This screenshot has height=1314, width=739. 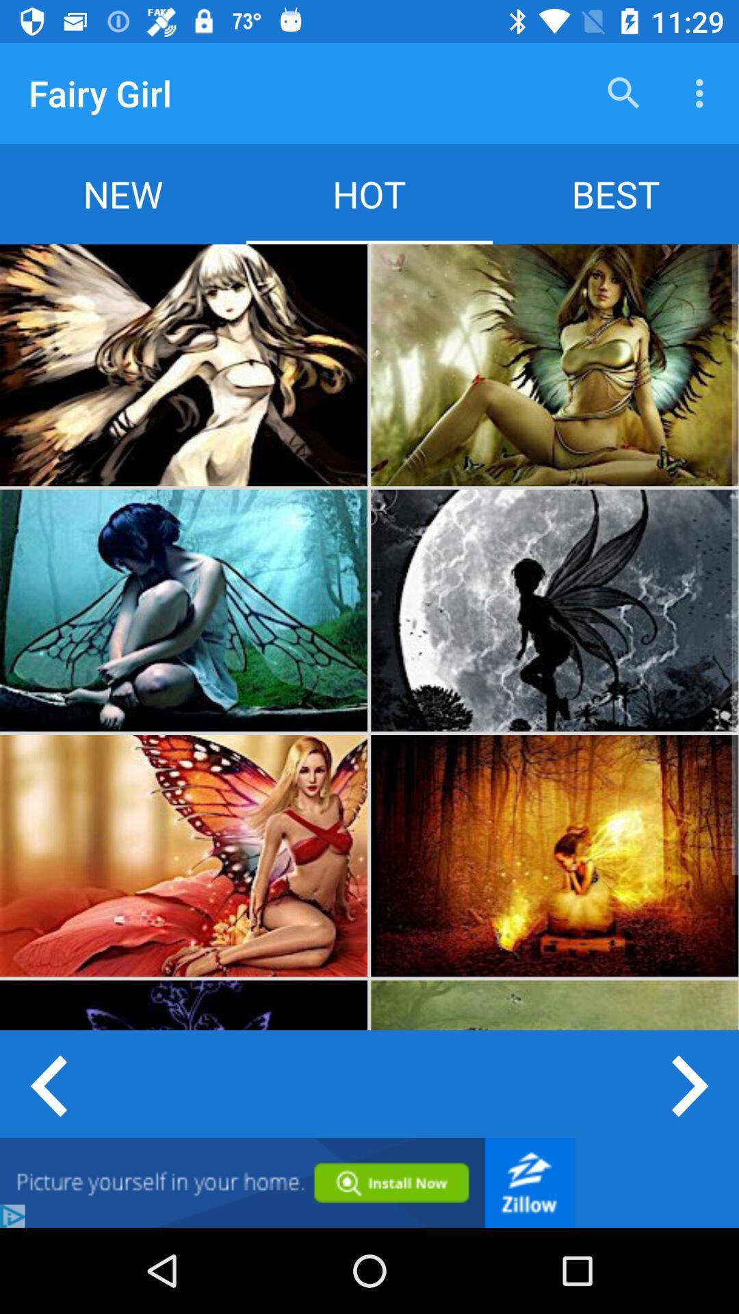 What do you see at coordinates (691, 1083) in the screenshot?
I see `the arrow_forward icon` at bounding box center [691, 1083].